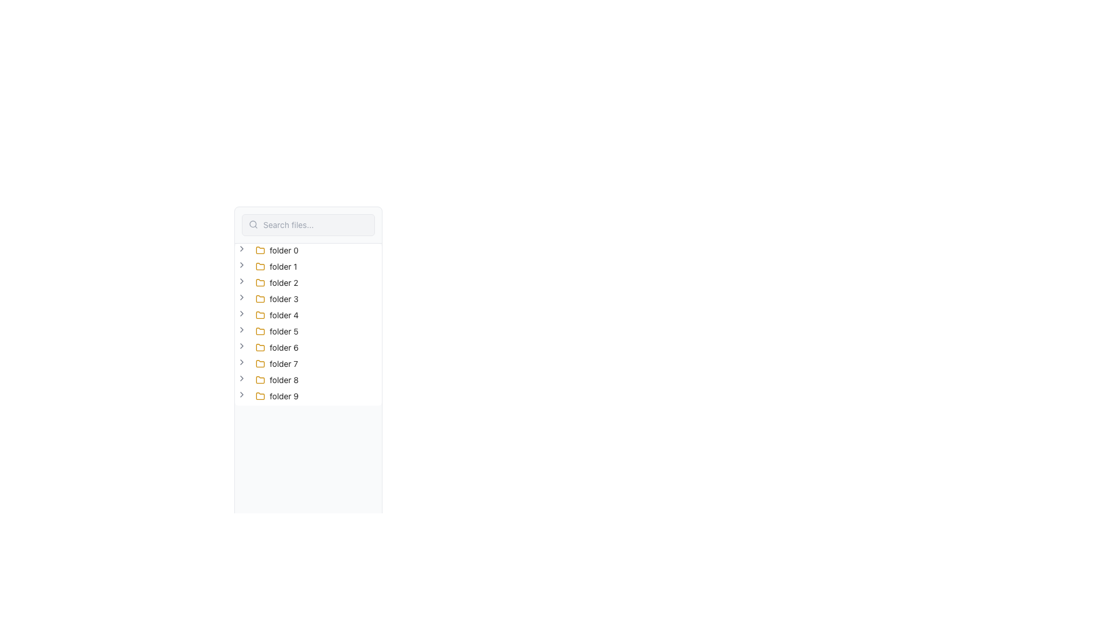 This screenshot has height=625, width=1111. Describe the element at coordinates (241, 347) in the screenshot. I see `the right-pointing chevron icon located to the left of the text label 'folder 6'` at that location.